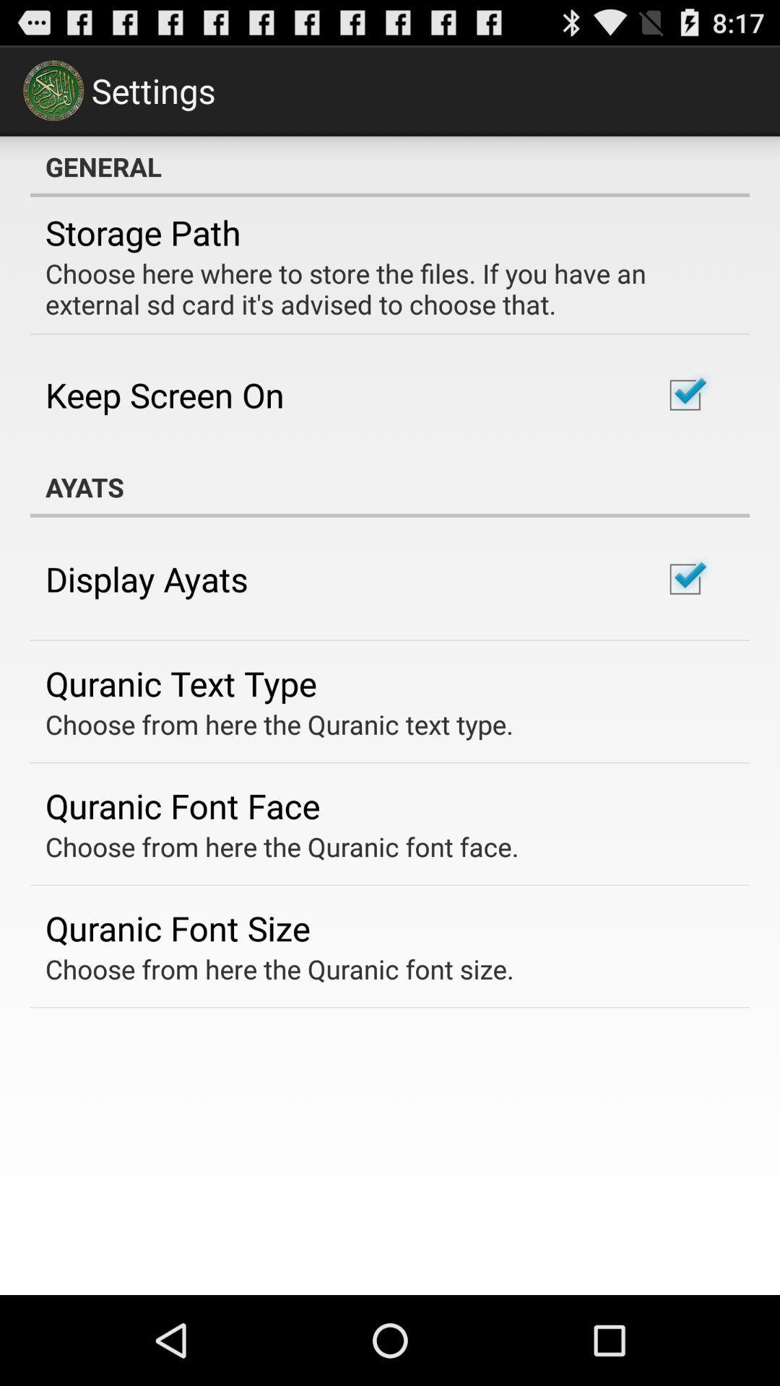  Describe the element at coordinates (390, 166) in the screenshot. I see `item above the storage path app` at that location.